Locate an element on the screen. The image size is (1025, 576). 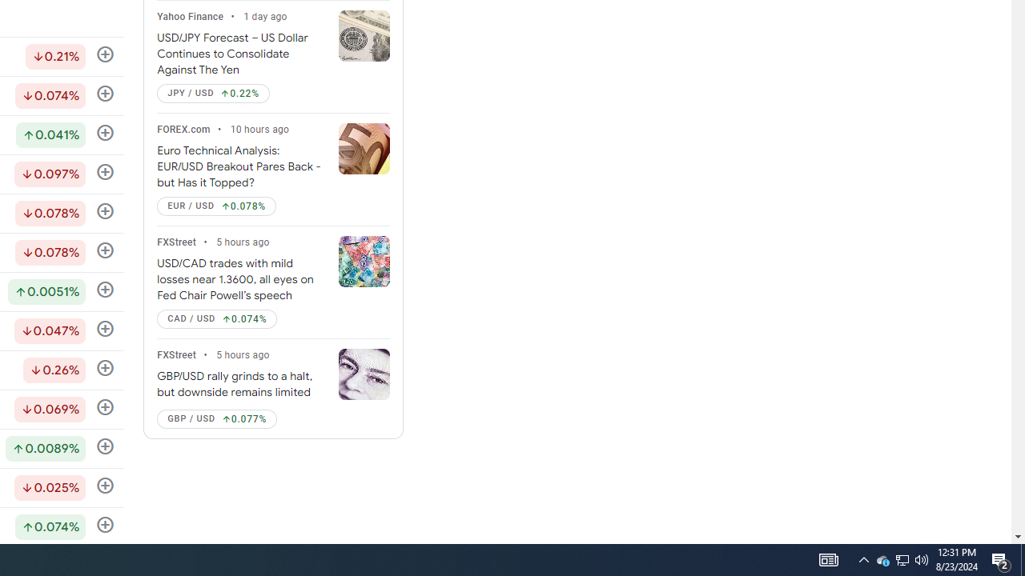
'Follow' is located at coordinates (104, 526).